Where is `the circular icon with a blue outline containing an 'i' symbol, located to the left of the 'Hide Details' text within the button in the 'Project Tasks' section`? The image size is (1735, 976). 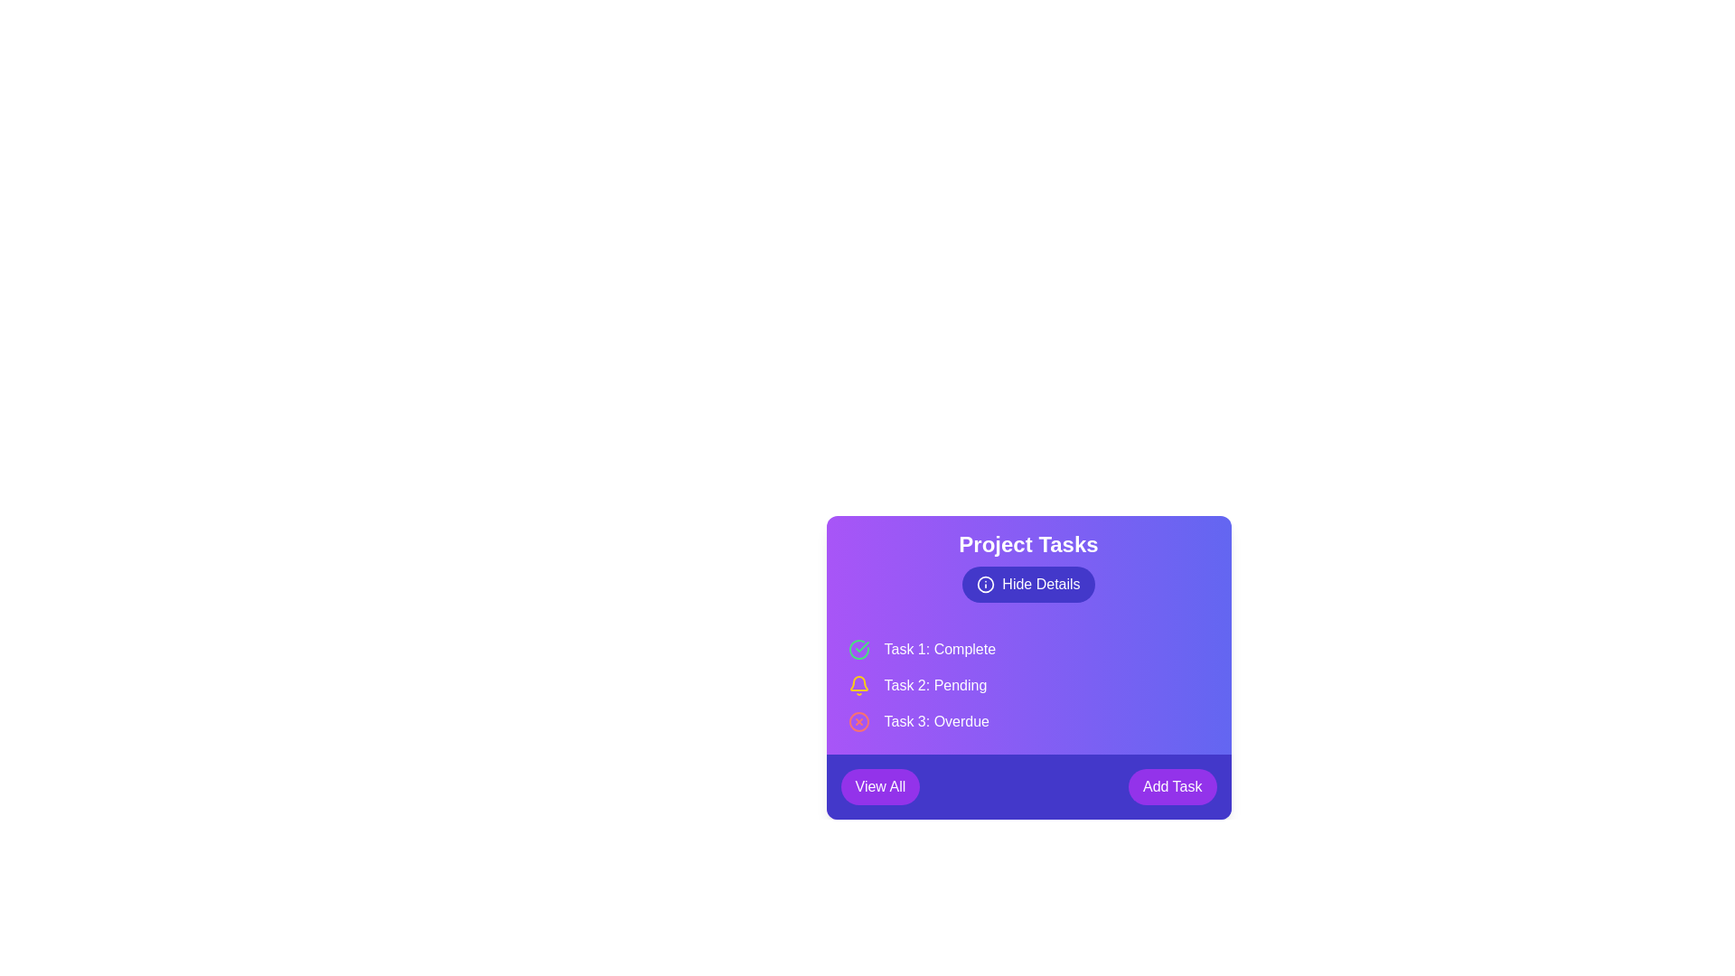 the circular icon with a blue outline containing an 'i' symbol, located to the left of the 'Hide Details' text within the button in the 'Project Tasks' section is located at coordinates (985, 585).